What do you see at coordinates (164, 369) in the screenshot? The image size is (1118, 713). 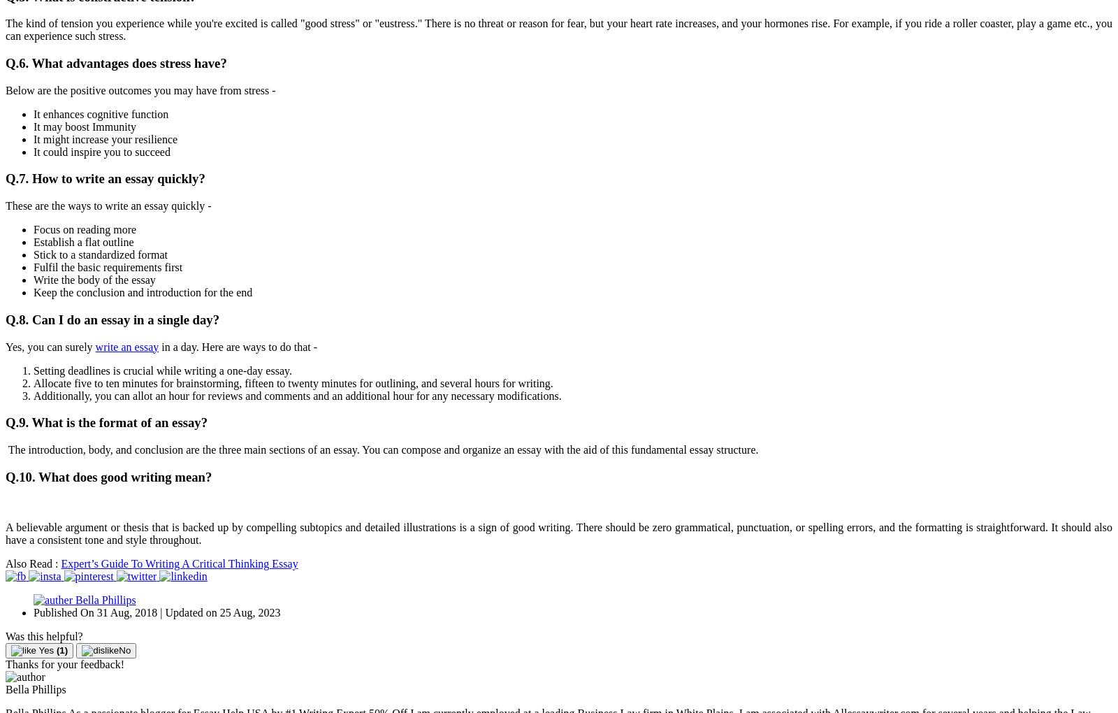 I see `'Setting deadlines is crucial while writing a one-day essay.'` at bounding box center [164, 369].